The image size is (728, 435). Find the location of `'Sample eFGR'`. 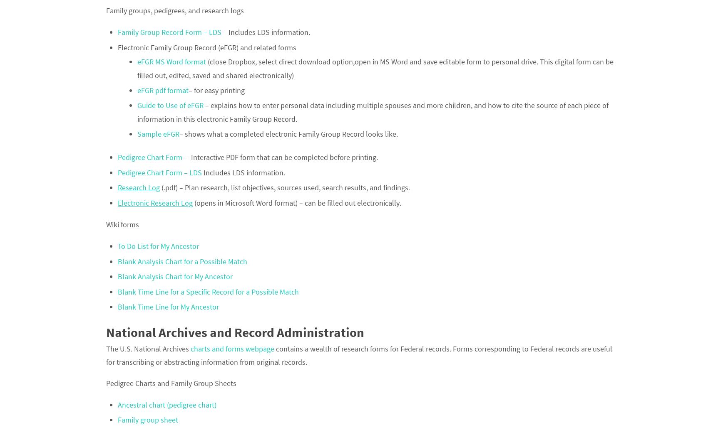

'Sample eFGR' is located at coordinates (137, 133).